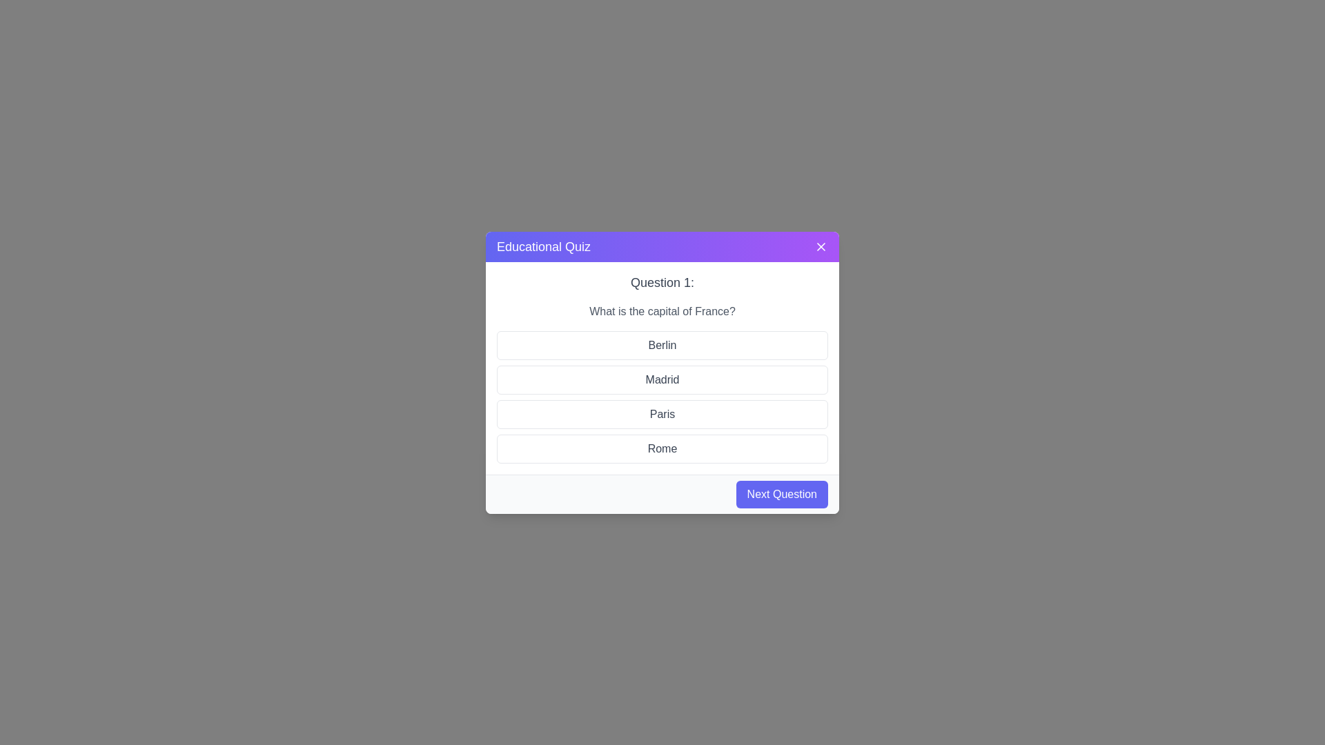 Image resolution: width=1325 pixels, height=745 pixels. Describe the element at coordinates (662, 413) in the screenshot. I see `the 'Paris' button in the quiz options` at that location.